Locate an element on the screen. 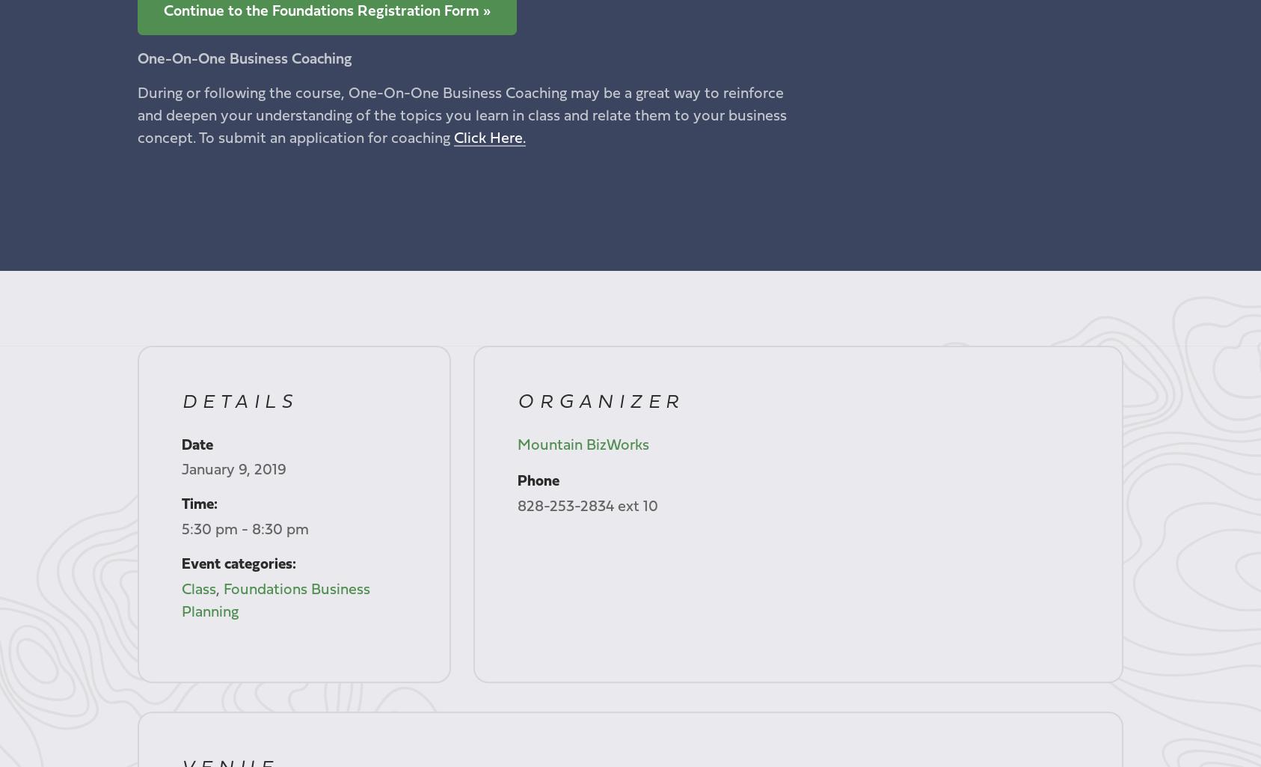 This screenshot has width=1261, height=767. 'Event categories:' is located at coordinates (180, 565).